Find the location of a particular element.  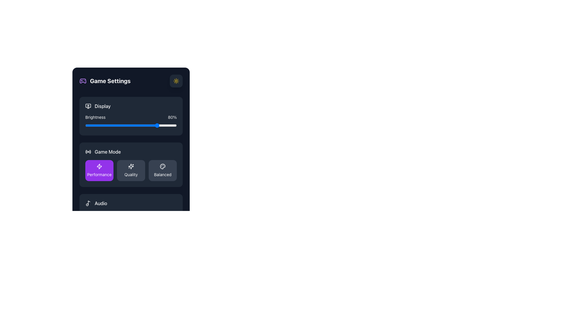

brightness level is located at coordinates (125, 125).